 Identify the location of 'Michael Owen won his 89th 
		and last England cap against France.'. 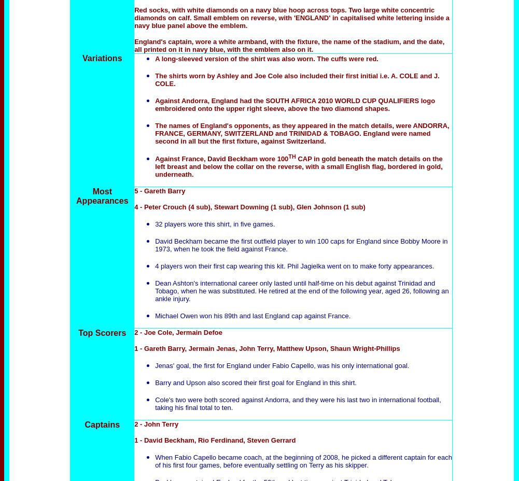
(253, 316).